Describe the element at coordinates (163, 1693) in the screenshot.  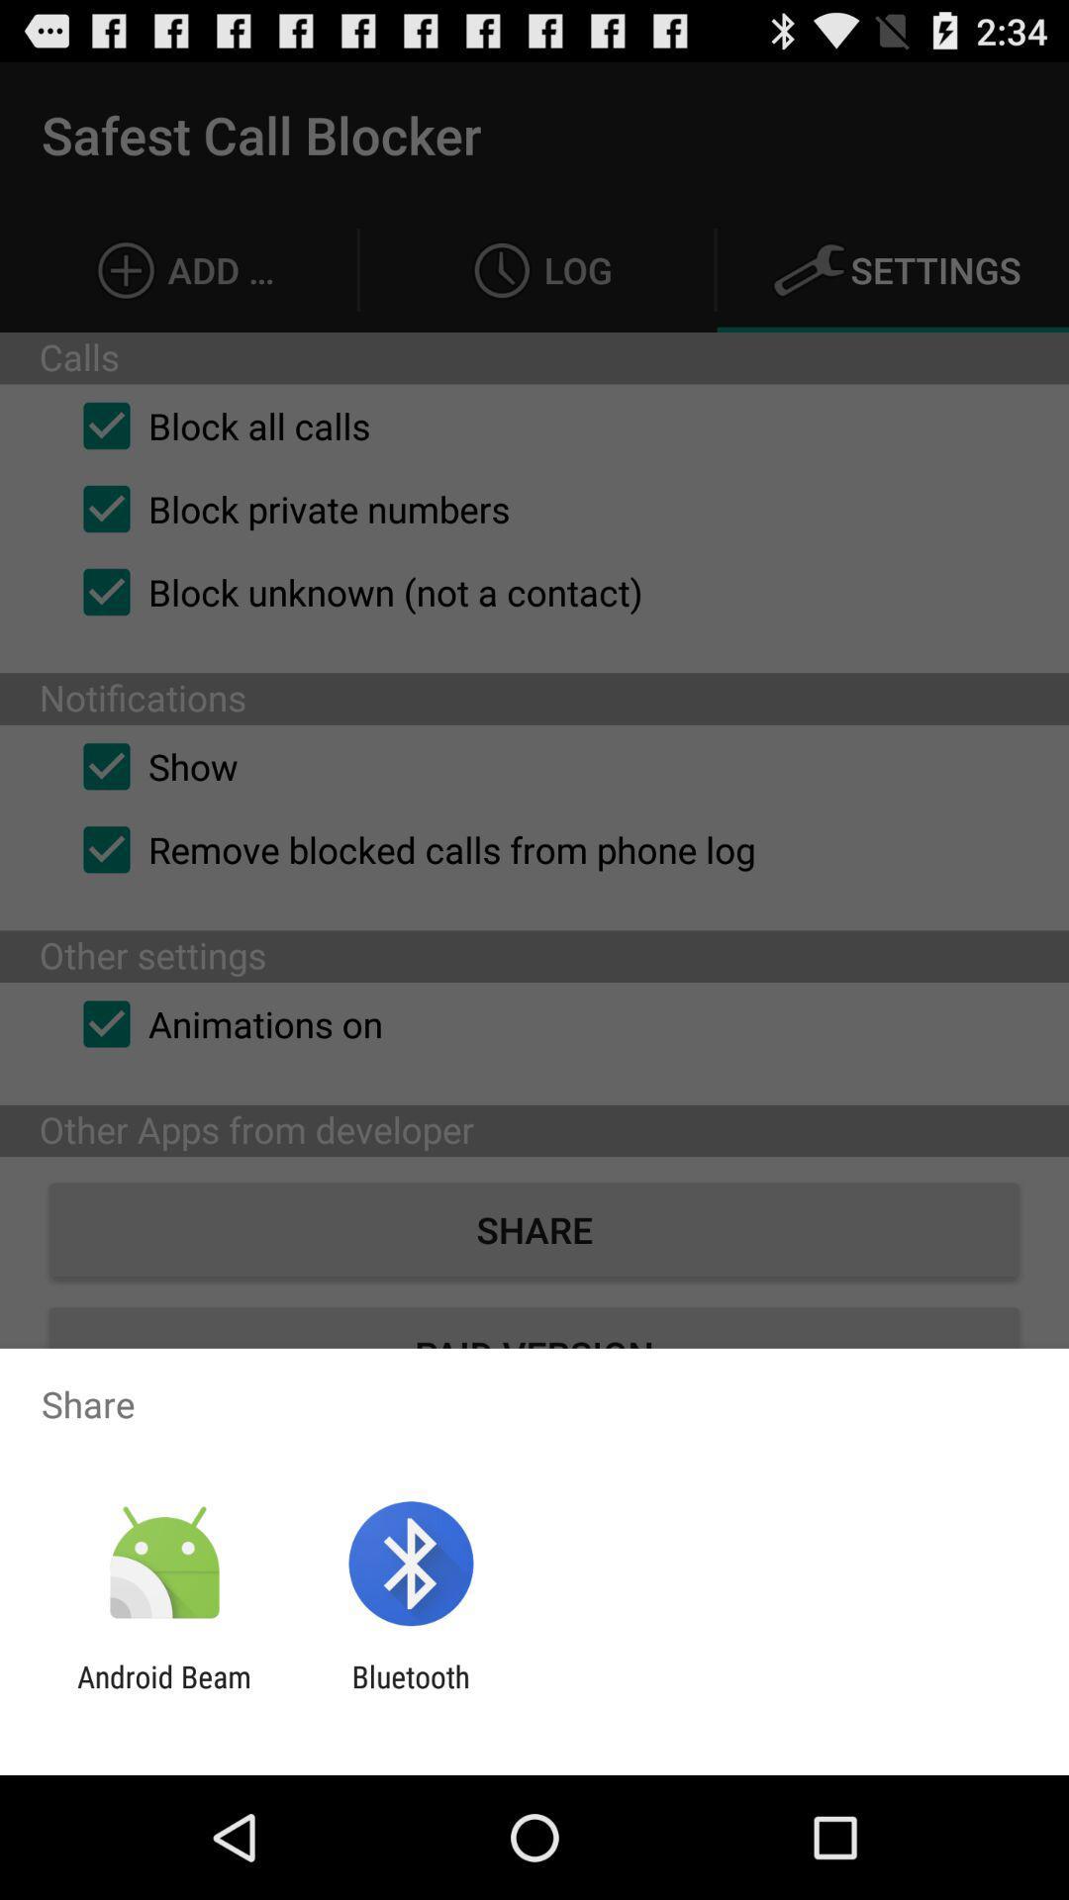
I see `item to the left of bluetooth` at that location.